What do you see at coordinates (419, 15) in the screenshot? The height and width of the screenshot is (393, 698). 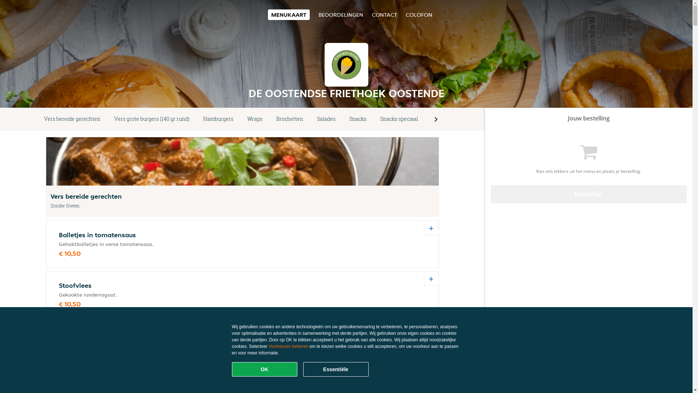 I see `'COLOFON'` at bounding box center [419, 15].